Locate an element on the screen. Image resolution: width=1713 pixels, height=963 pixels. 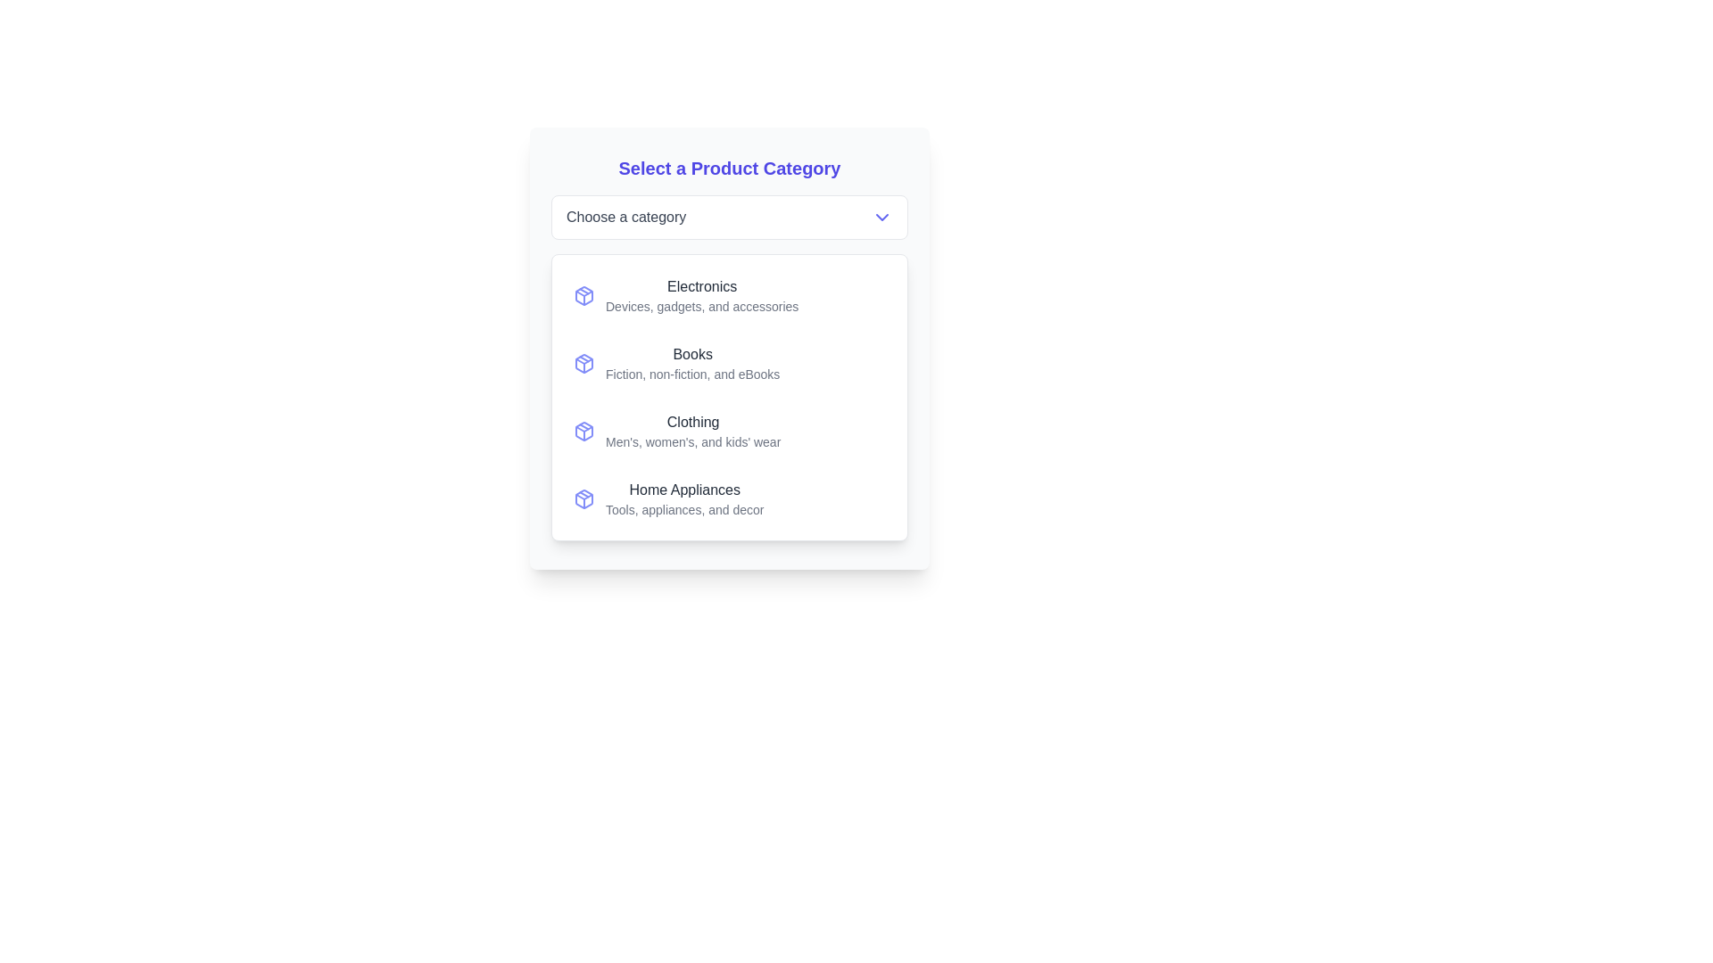
the 'Home Appliances' category option in the product selection menu to filter or display products under this category is located at coordinates (683, 498).